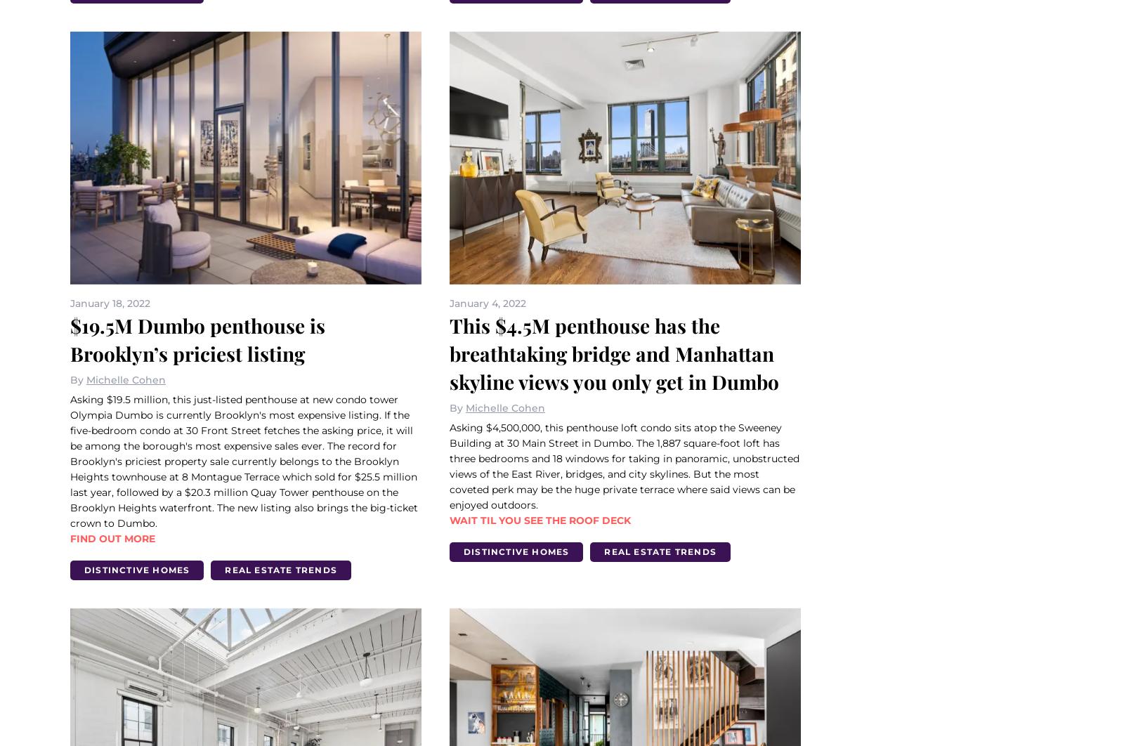 The height and width of the screenshot is (746, 1124). Describe the element at coordinates (109, 301) in the screenshot. I see `'January 18, 2022'` at that location.